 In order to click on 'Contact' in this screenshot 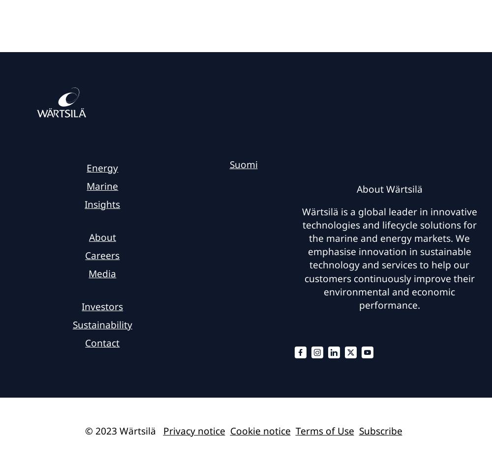, I will do `click(102, 342)`.